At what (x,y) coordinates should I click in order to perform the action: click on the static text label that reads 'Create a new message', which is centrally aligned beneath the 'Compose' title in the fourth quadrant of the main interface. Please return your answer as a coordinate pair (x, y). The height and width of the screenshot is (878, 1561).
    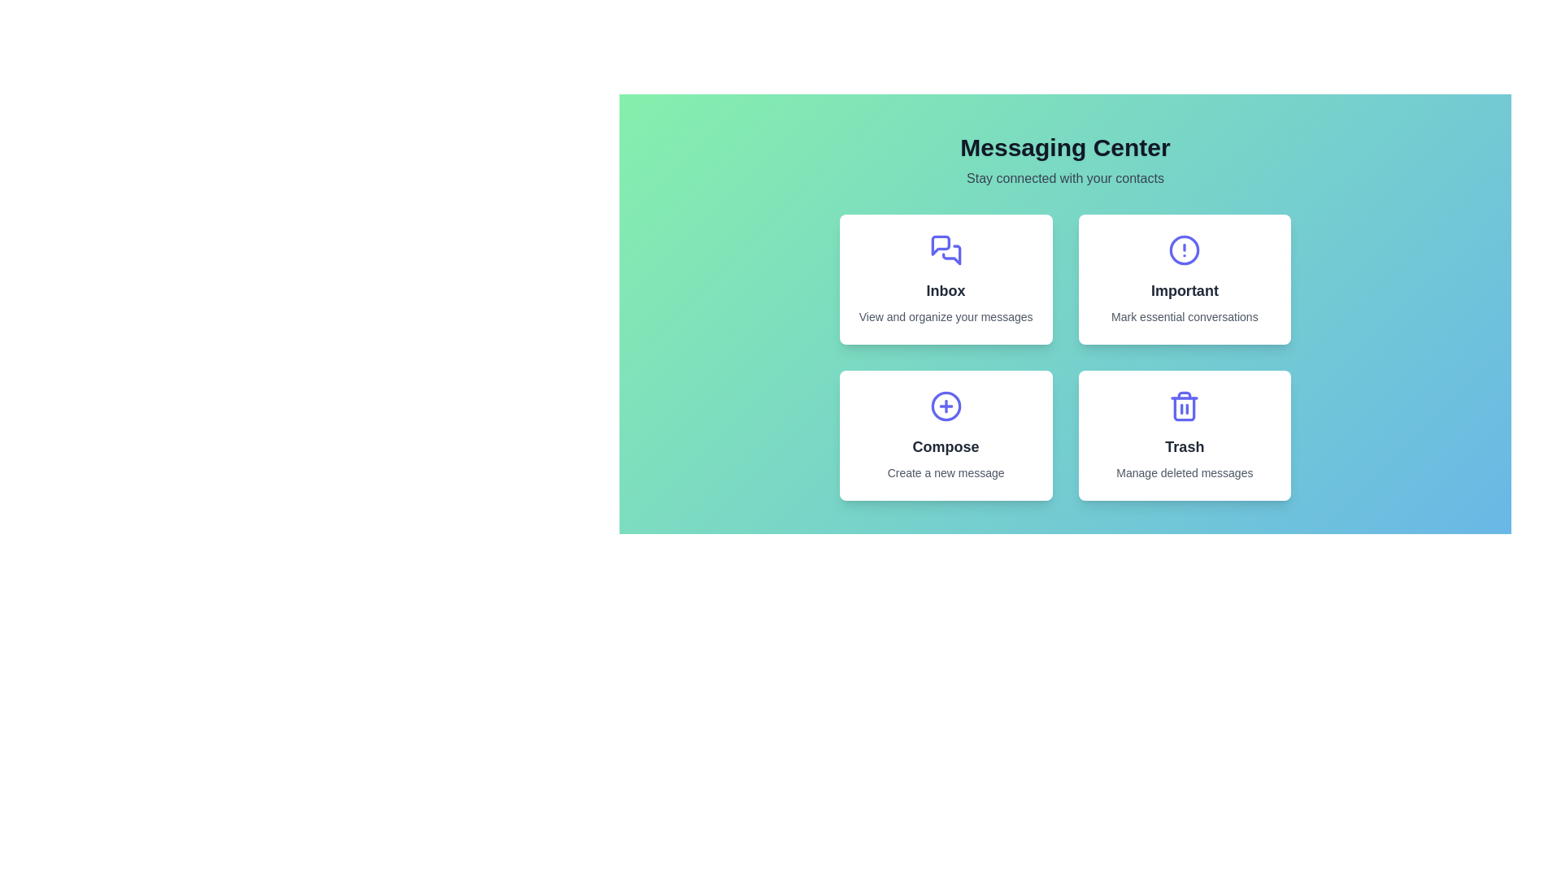
    Looking at the image, I should click on (946, 473).